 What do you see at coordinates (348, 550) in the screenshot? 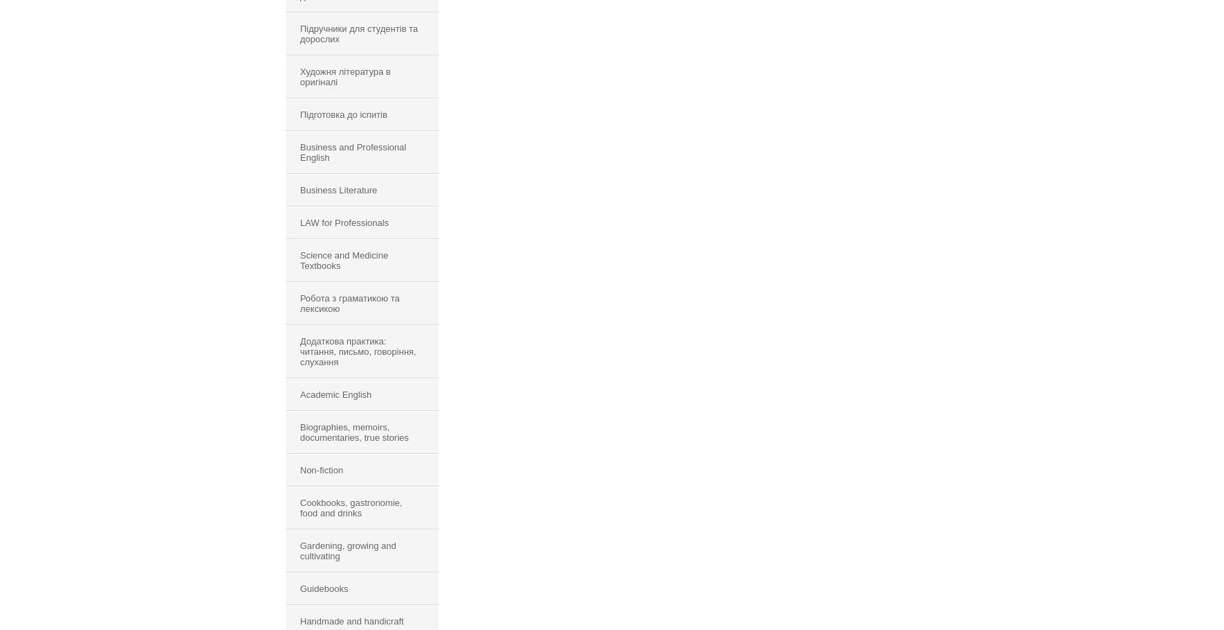
I see `'Gardening, growing and cultivating'` at bounding box center [348, 550].